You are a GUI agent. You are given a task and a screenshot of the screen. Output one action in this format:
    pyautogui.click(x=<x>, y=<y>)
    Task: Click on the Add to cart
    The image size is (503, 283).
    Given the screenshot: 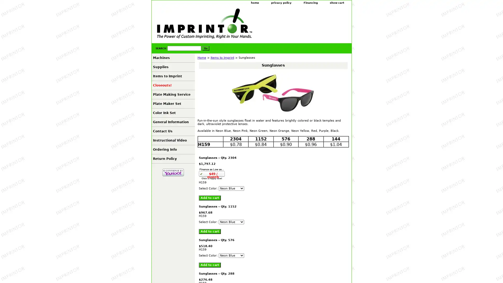 What is the action you would take?
    pyautogui.click(x=210, y=265)
    